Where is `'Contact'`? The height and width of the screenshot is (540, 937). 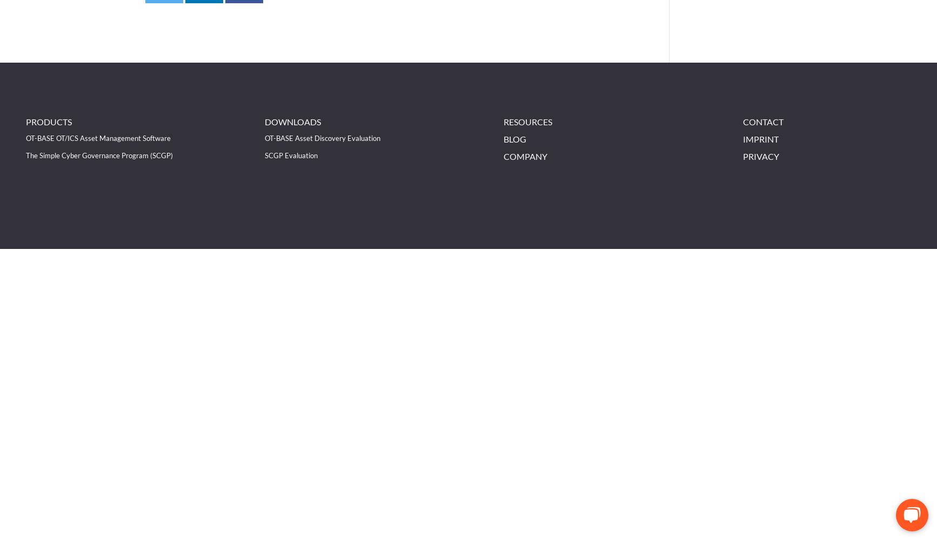
'Contact' is located at coordinates (762, 121).